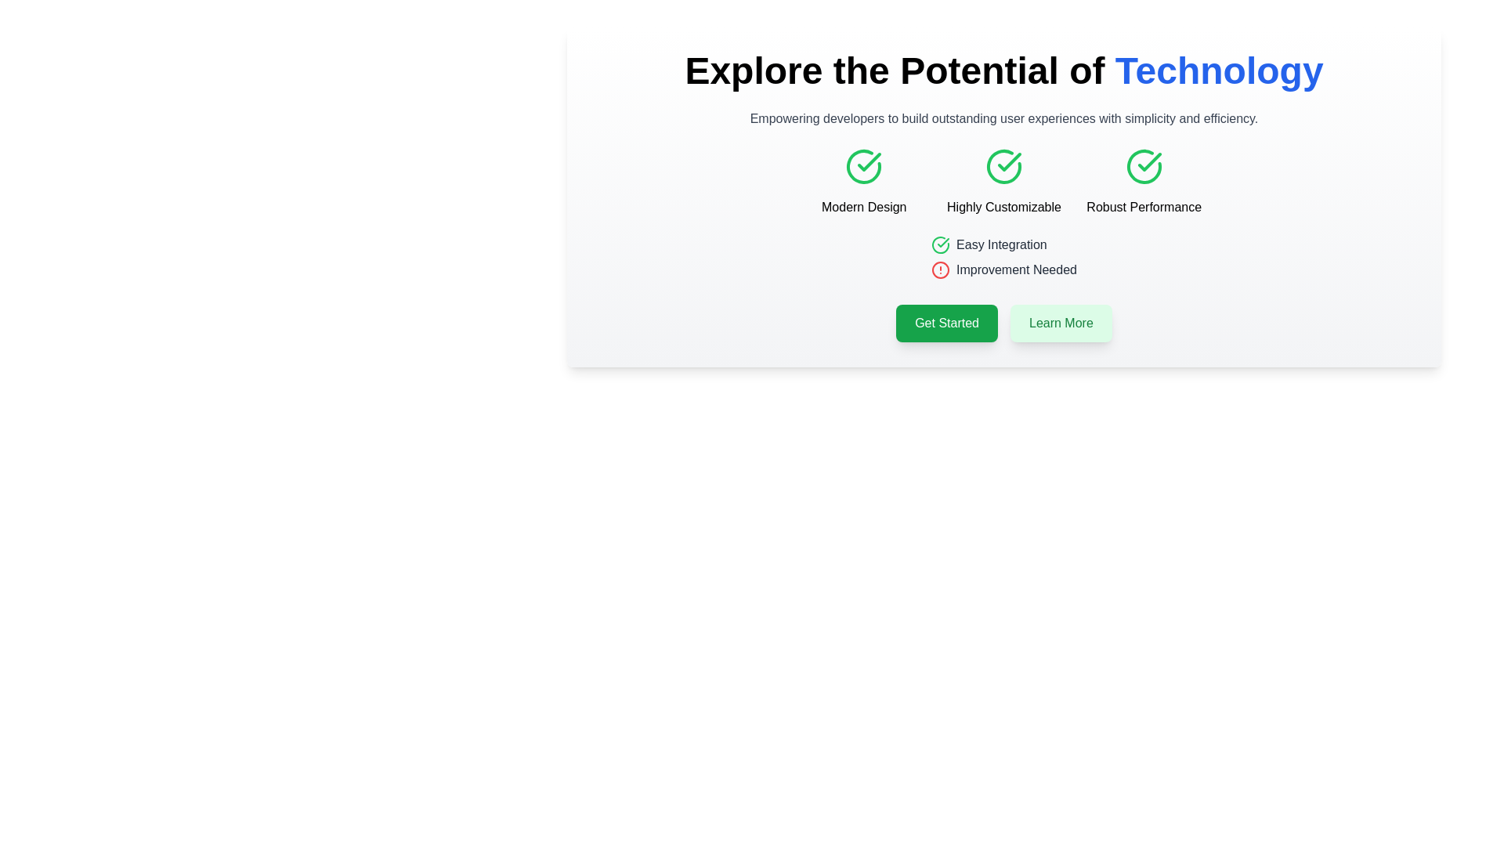  Describe the element at coordinates (1003, 259) in the screenshot. I see `the Informational Group element that displays status descriptions, located below the 'Highly Customizable' section and above the 'Get Started' and 'Learn More' buttons` at that location.